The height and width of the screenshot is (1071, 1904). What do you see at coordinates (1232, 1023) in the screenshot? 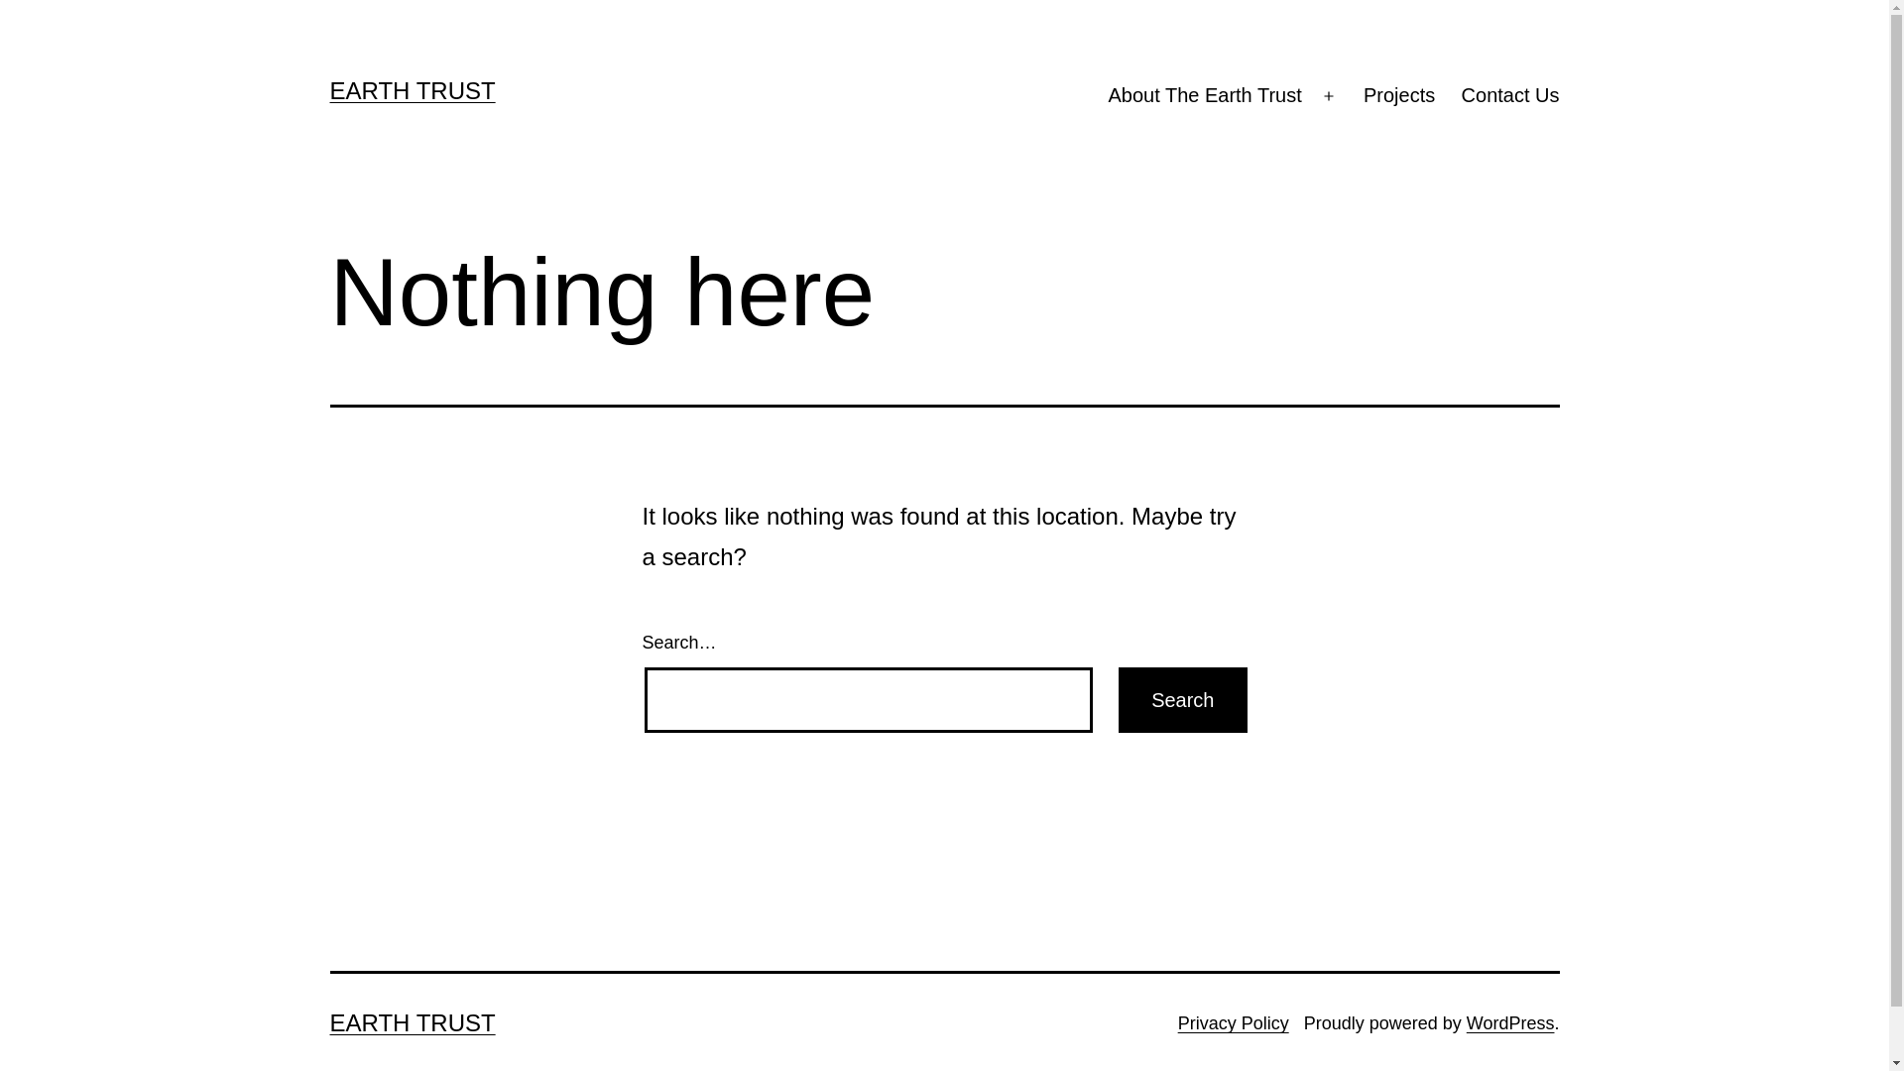
I see `'Privacy Policy'` at bounding box center [1232, 1023].